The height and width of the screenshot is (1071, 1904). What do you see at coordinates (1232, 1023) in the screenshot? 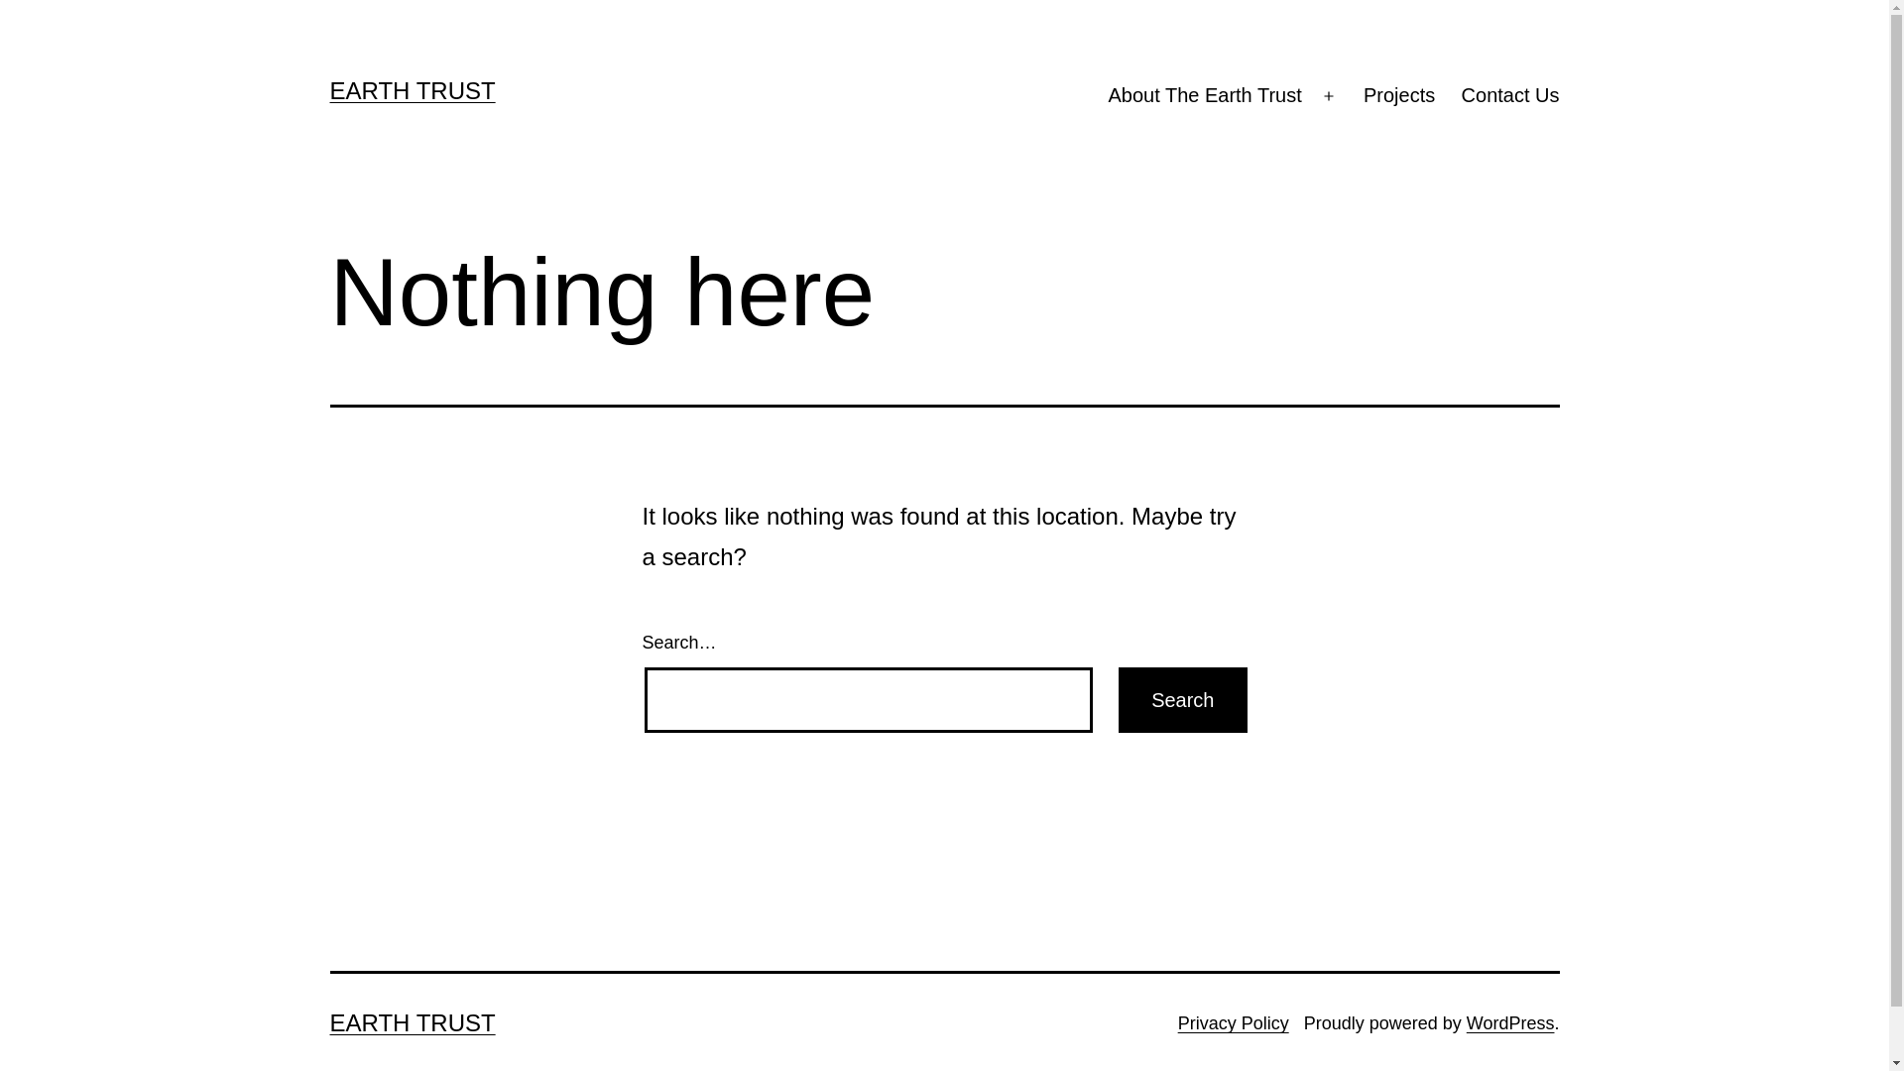
I see `'Privacy Policy'` at bounding box center [1232, 1023].